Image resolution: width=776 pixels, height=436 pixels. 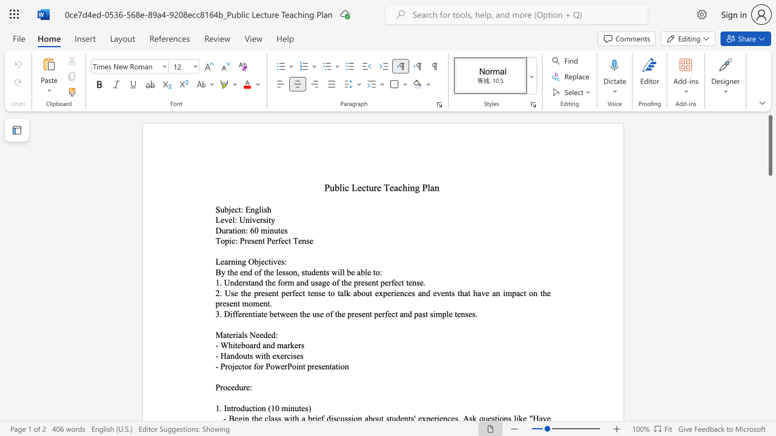 What do you see at coordinates (270, 408) in the screenshot?
I see `the subset text "10 minut" within the text "1. Introduction (10 minutes)"` at bounding box center [270, 408].